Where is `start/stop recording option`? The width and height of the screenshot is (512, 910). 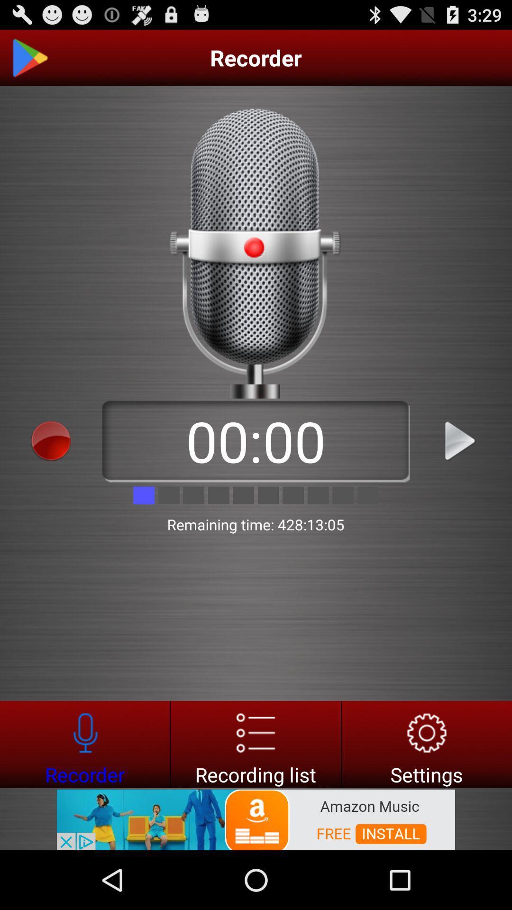 start/stop recording option is located at coordinates (51, 440).